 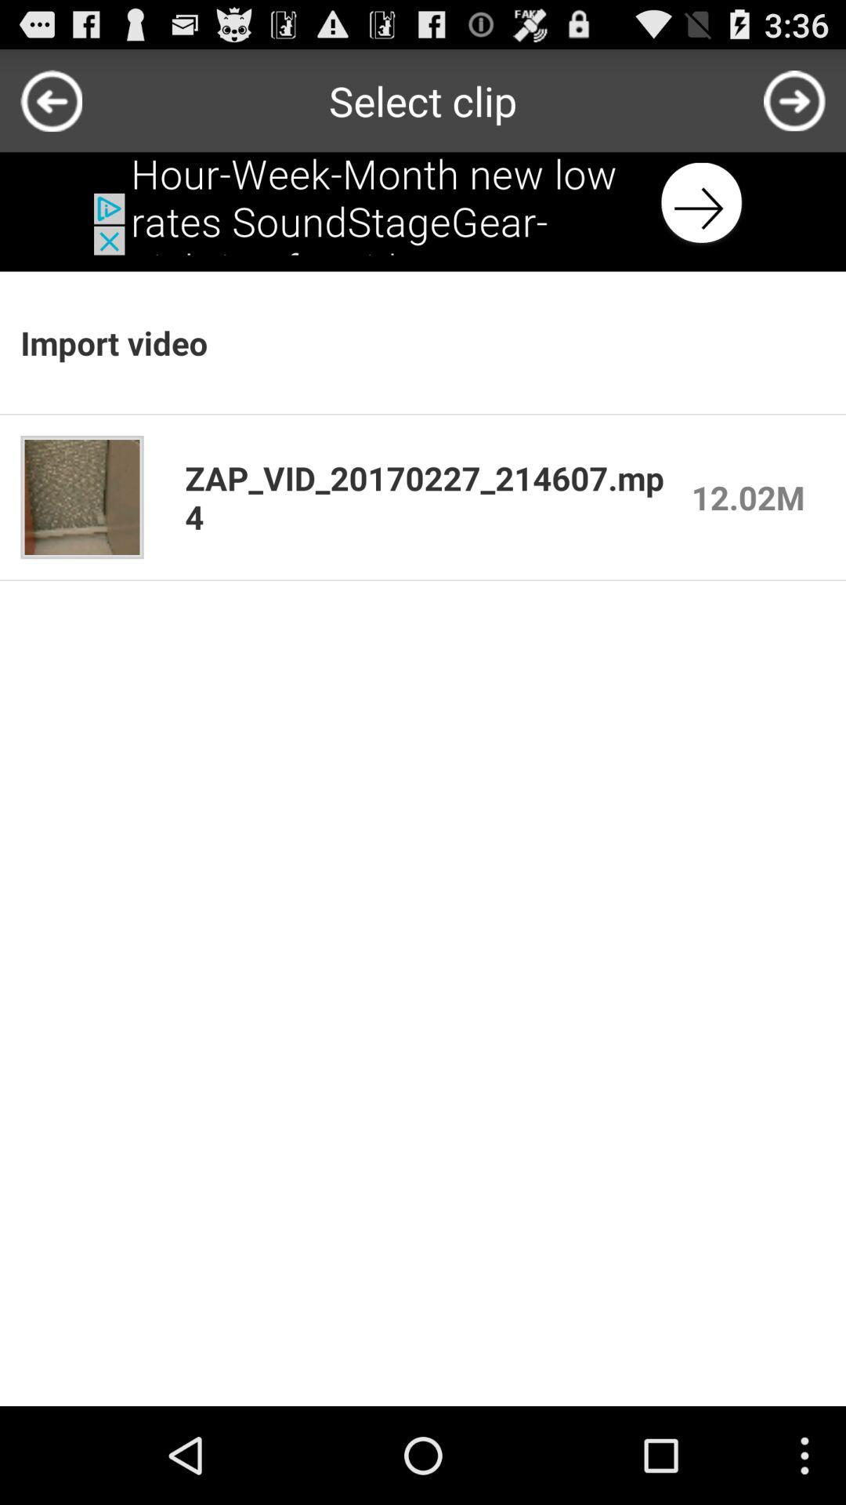 What do you see at coordinates (794, 100) in the screenshot?
I see `next user` at bounding box center [794, 100].